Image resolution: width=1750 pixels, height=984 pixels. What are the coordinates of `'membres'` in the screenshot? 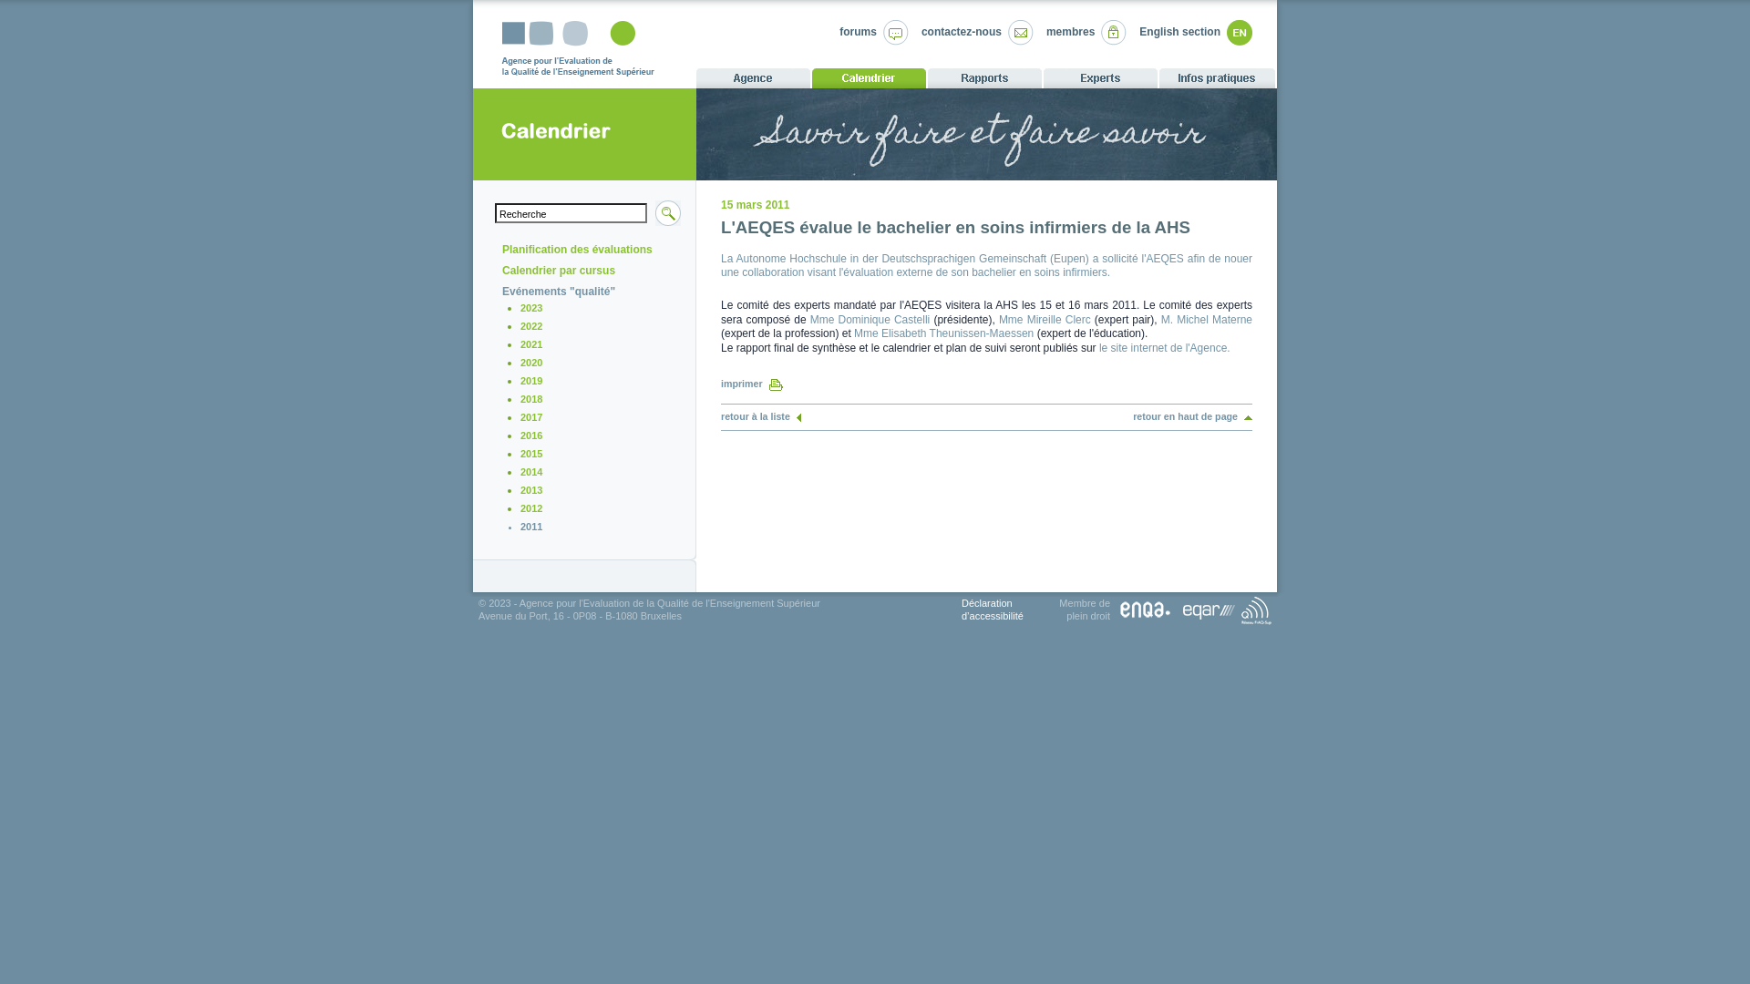 It's located at (1070, 31).